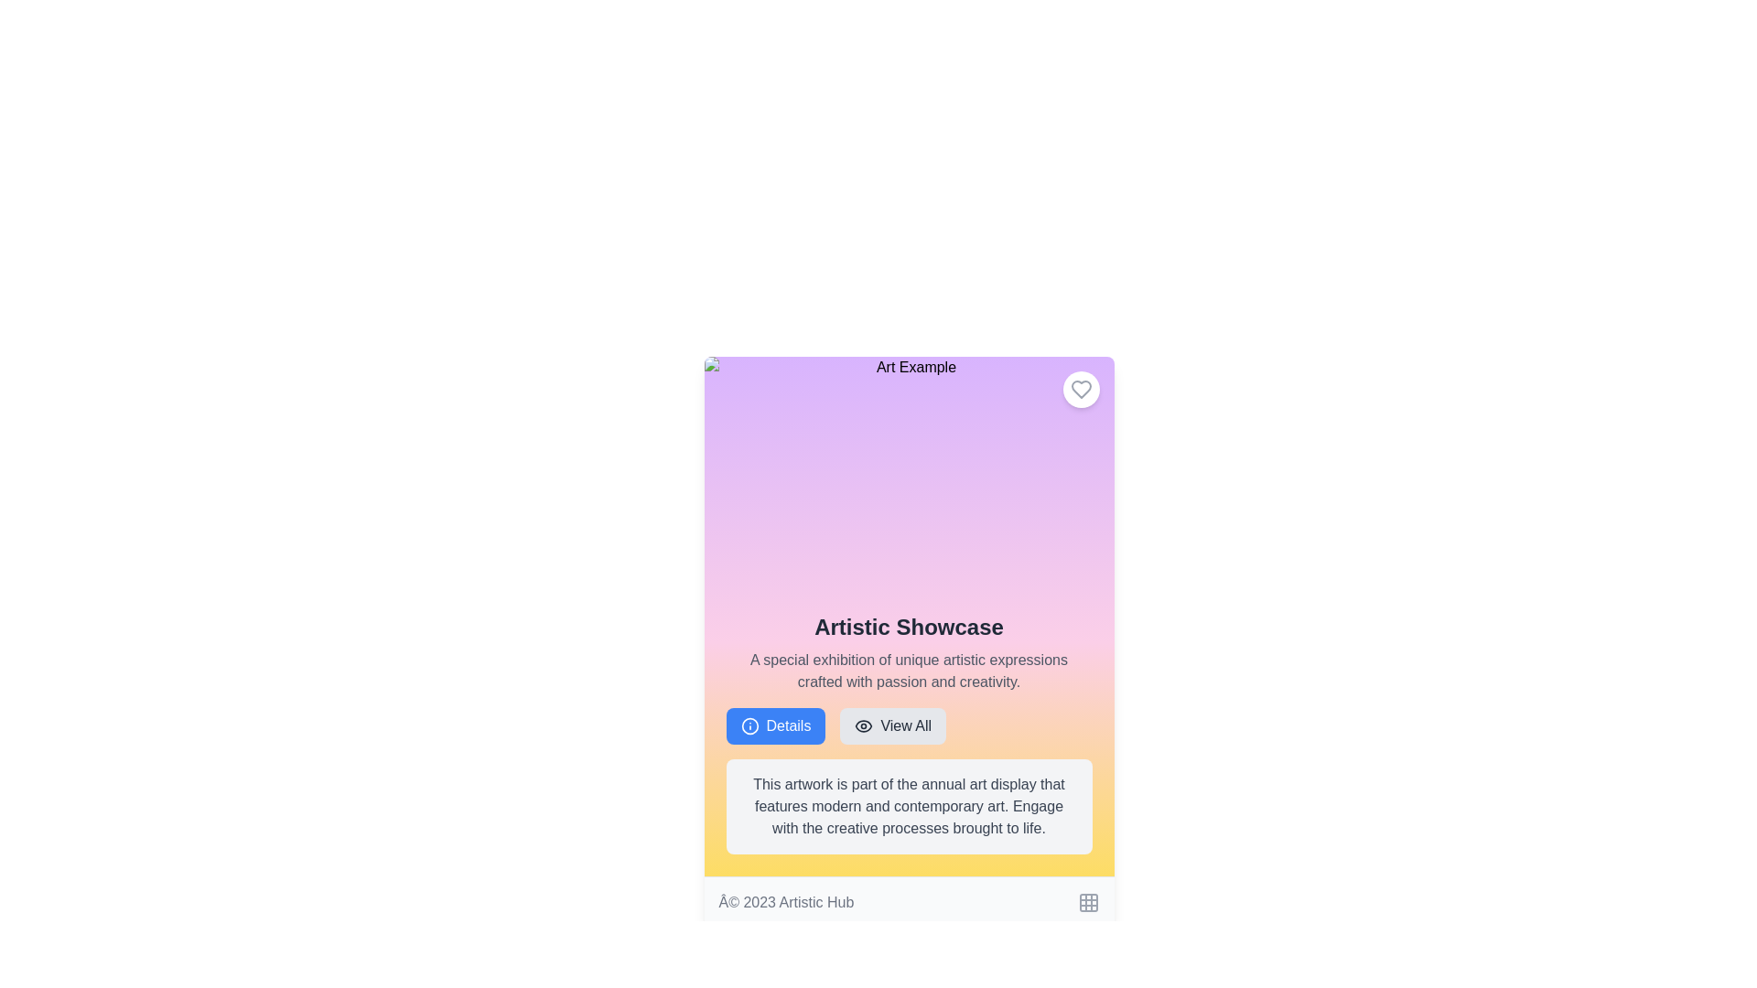 The width and height of the screenshot is (1757, 988). I want to click on text from the text box styled with rounded corners and a light gray background that contains the message about the annual art display, so click(909, 806).